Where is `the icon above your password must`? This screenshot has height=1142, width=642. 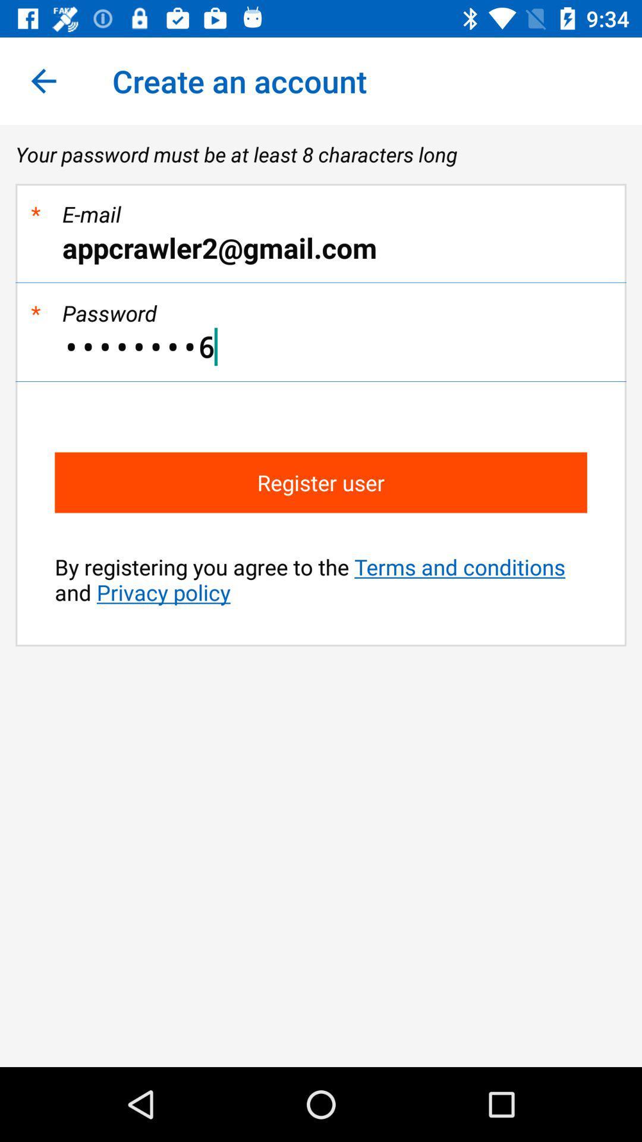
the icon above your password must is located at coordinates (43, 80).